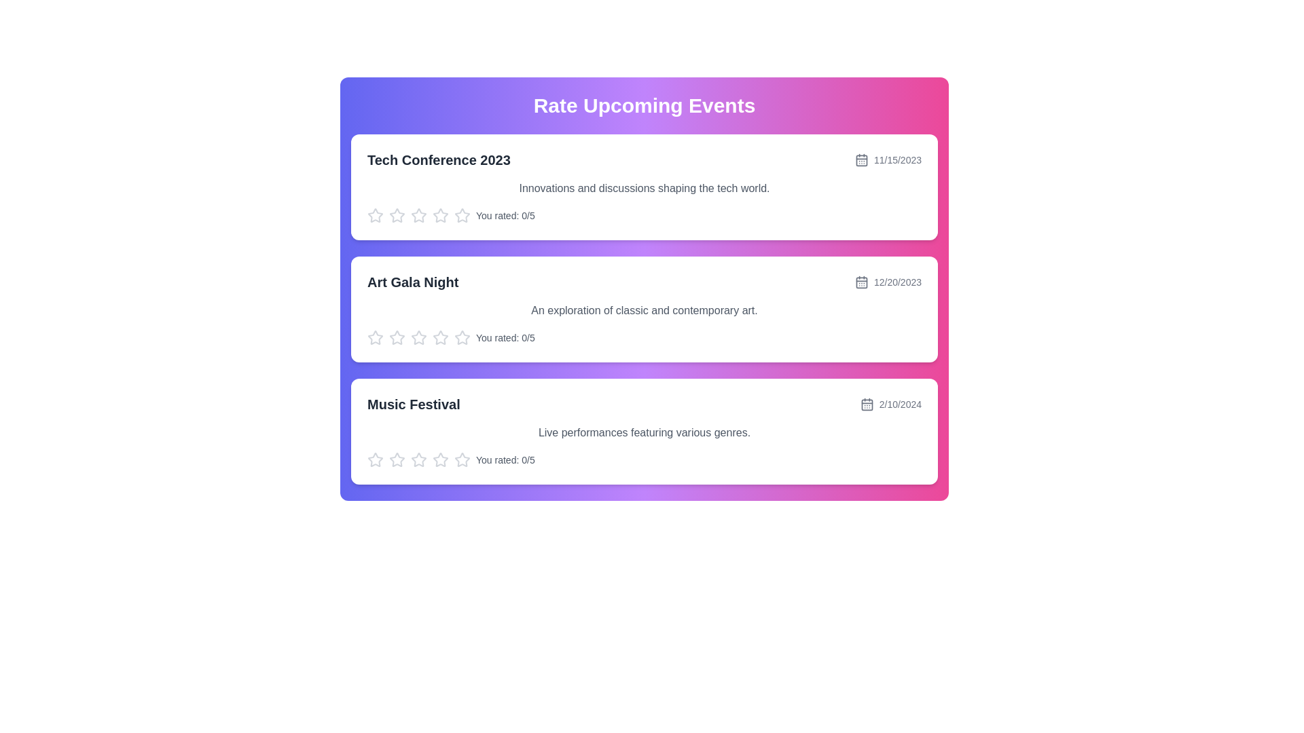  Describe the element at coordinates (463, 214) in the screenshot. I see `the fourth star icon in the rating interface beneath the 'Tech Conference 2023' item` at that location.